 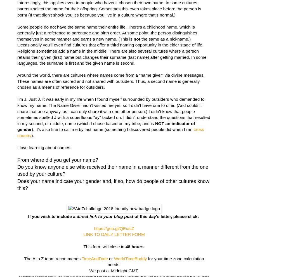 What do you see at coordinates (112, 129) in the screenshot?
I see `'). It's also fine to call me by last name (something I discovered people did when I ran'` at bounding box center [112, 129].